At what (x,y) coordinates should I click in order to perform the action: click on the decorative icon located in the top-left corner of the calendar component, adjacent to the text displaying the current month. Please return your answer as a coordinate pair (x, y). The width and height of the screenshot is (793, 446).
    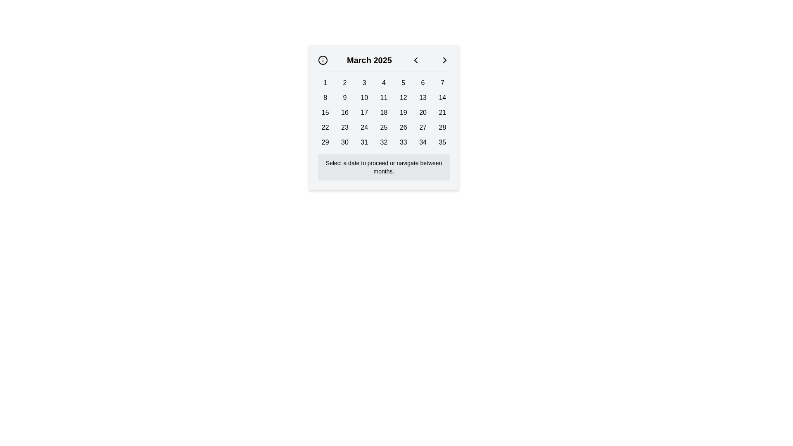
    Looking at the image, I should click on (323, 60).